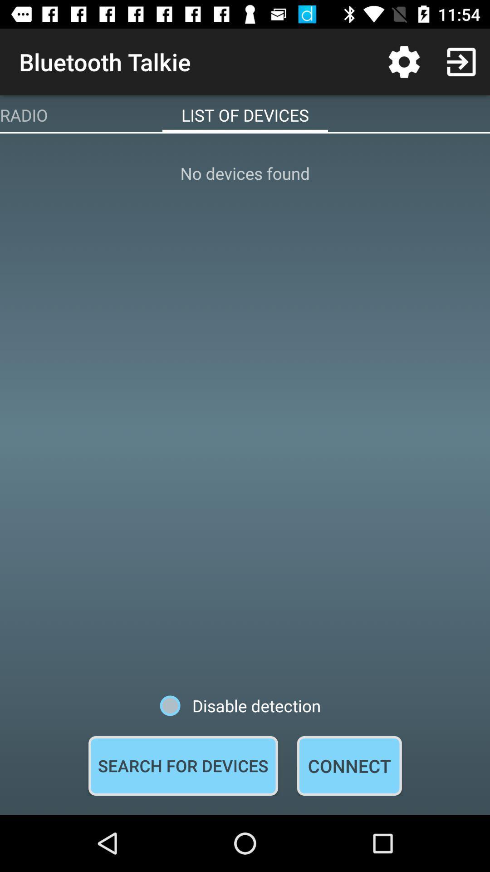 The height and width of the screenshot is (872, 490). I want to click on connect, so click(349, 765).